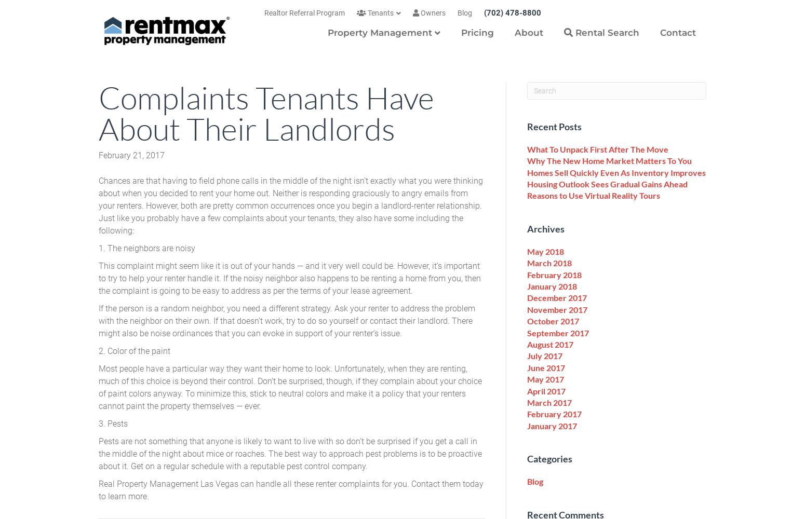 Image resolution: width=805 pixels, height=519 pixels. What do you see at coordinates (290, 278) in the screenshot?
I see `'This complaint might seem like it is out of your hands — and it very well could be. However, it’s important to try to help your renter handle it. If the noisy neighbor also happens to be renting a home from you, then the complaint is going to be easy to address as per the terms of your lease agreement.'` at bounding box center [290, 278].